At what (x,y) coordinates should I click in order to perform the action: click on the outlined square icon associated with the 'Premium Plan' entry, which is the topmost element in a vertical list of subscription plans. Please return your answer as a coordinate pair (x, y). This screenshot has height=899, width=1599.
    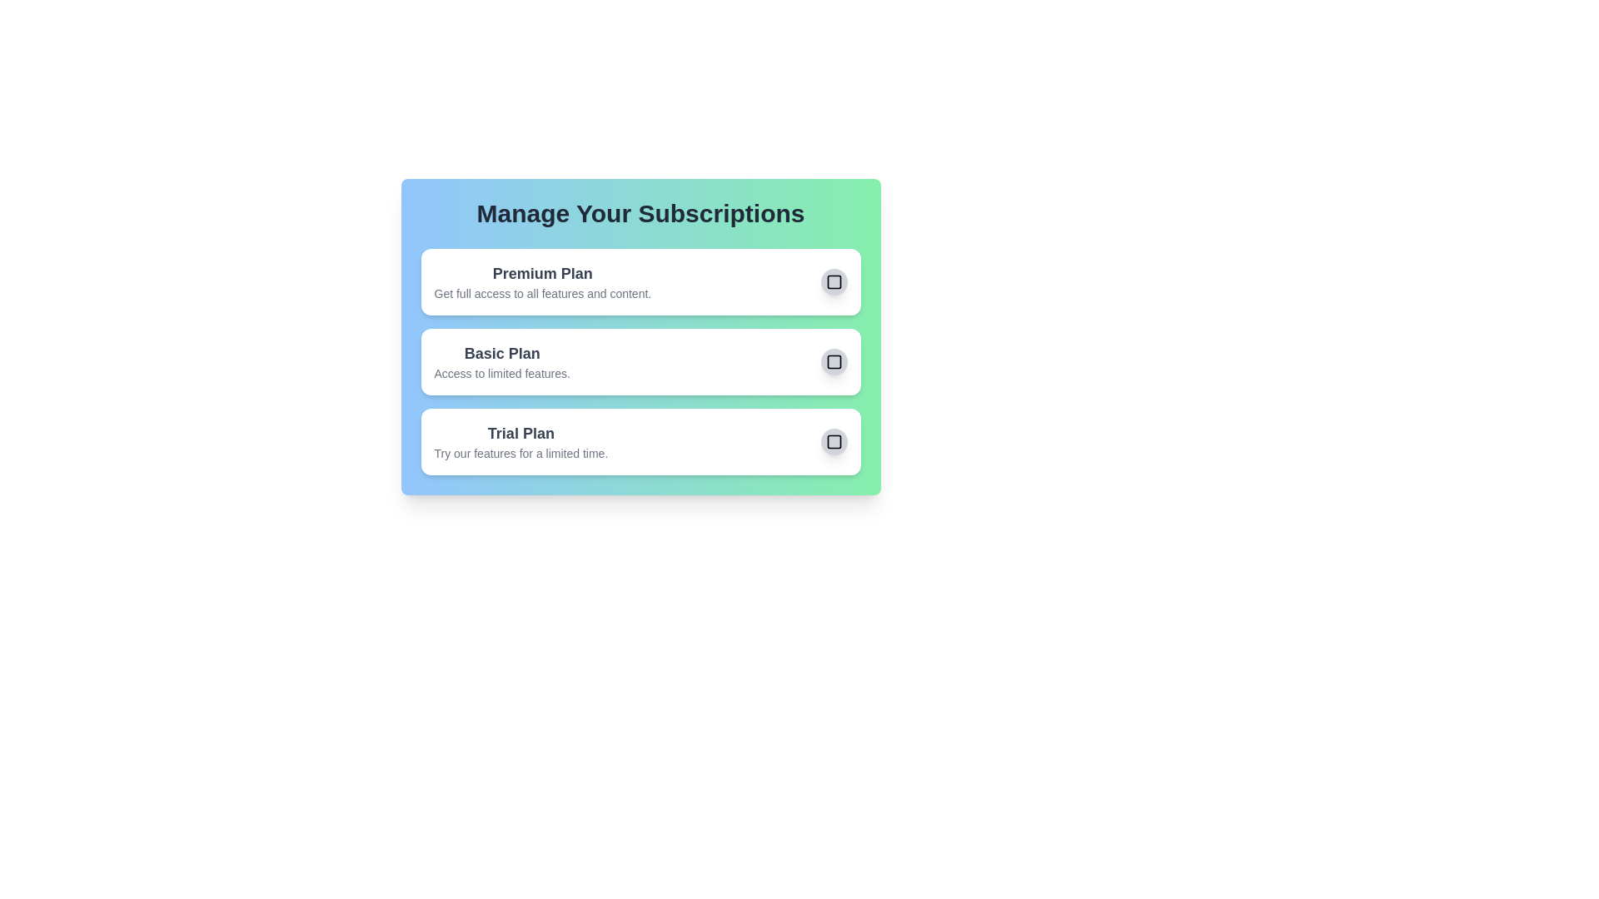
    Looking at the image, I should click on (834, 281).